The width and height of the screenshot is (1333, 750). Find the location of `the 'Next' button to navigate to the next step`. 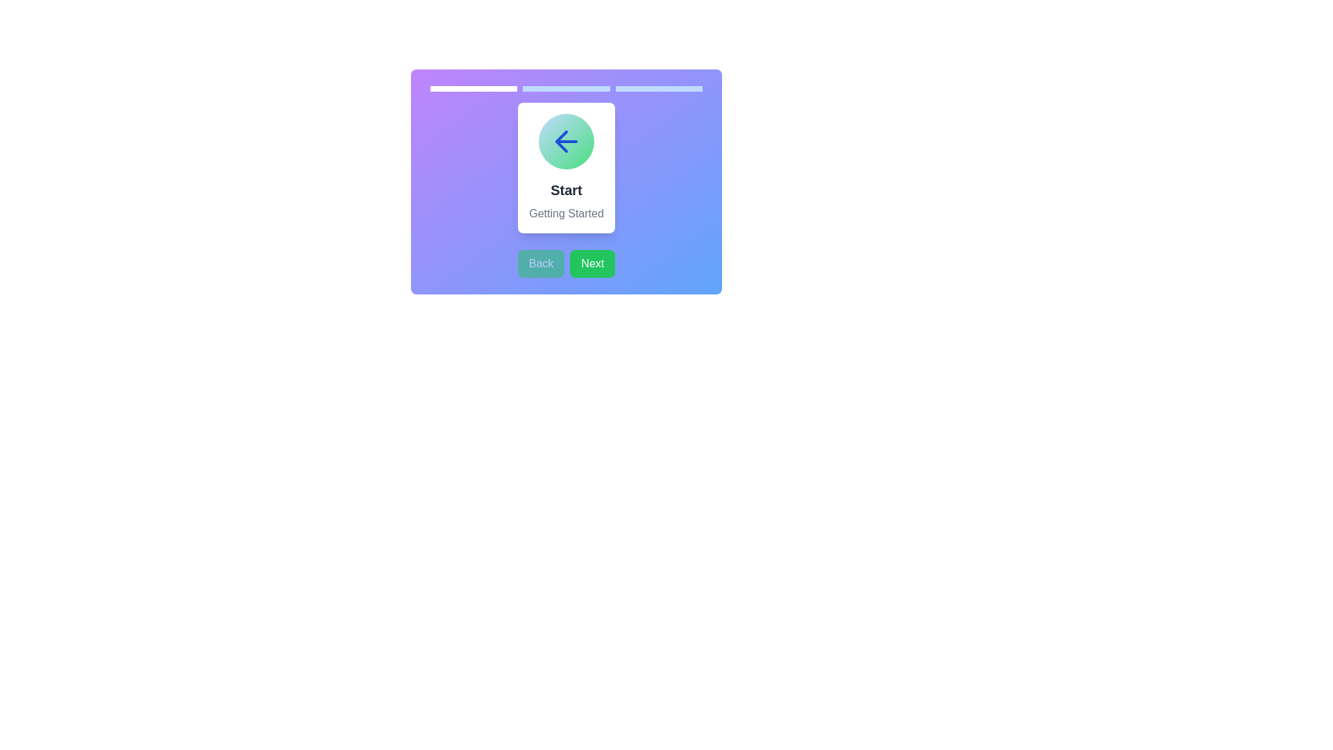

the 'Next' button to navigate to the next step is located at coordinates (592, 264).